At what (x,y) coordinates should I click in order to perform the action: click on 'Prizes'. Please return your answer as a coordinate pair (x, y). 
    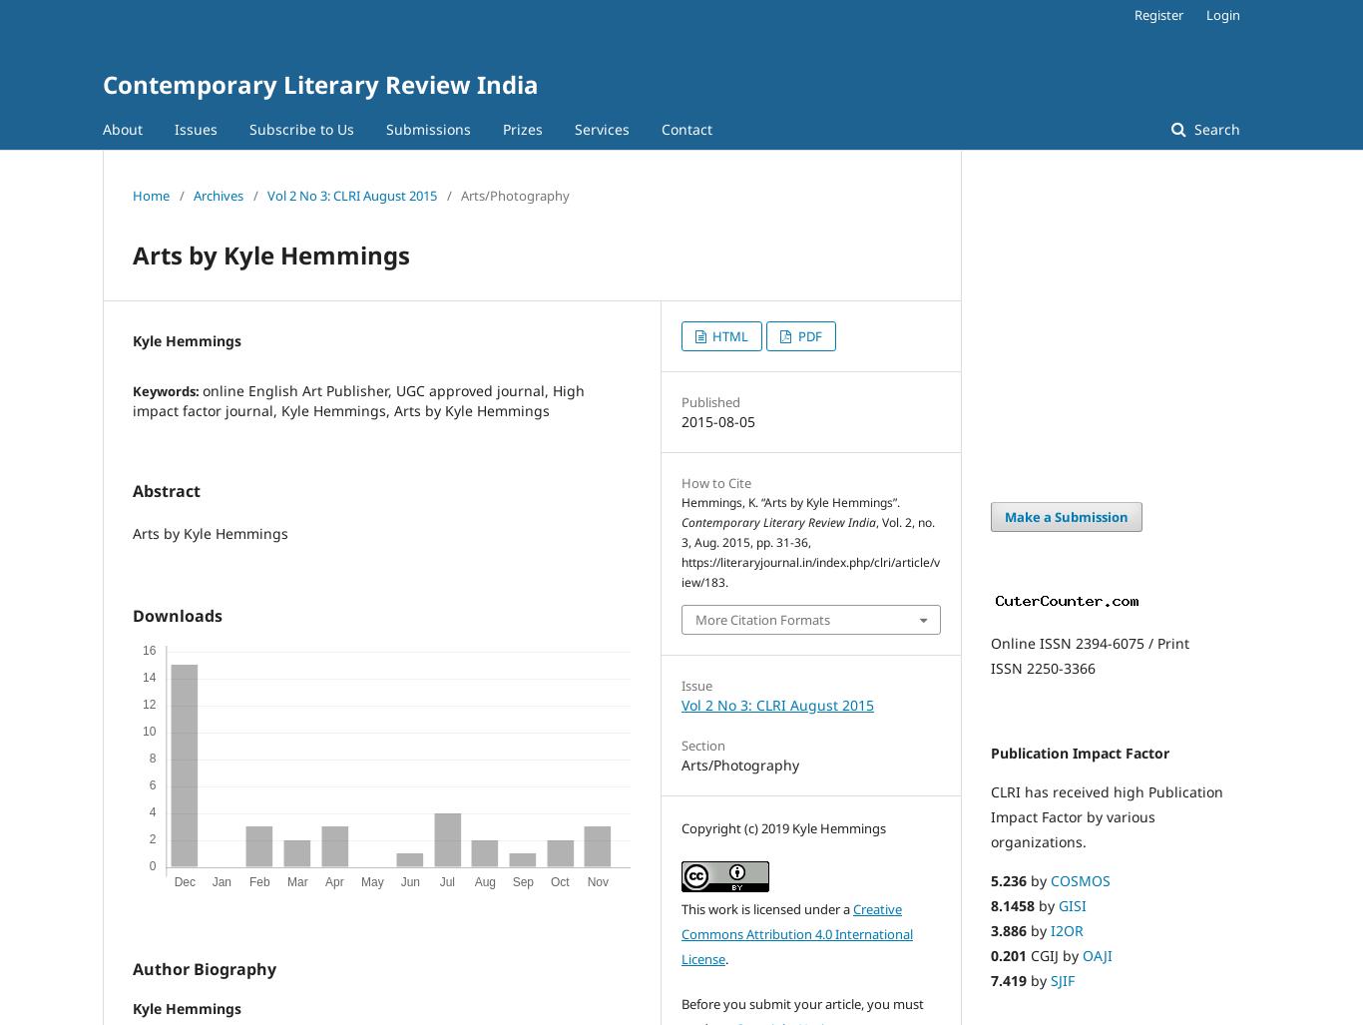
    Looking at the image, I should click on (522, 129).